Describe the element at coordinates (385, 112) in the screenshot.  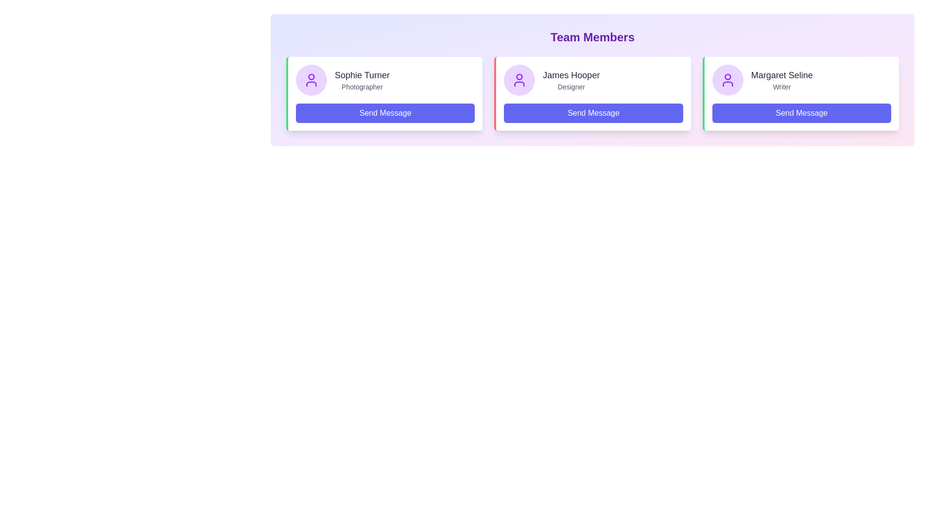
I see `the 'Send Message' button, which has a purple background and white bold text, to change its background color` at that location.